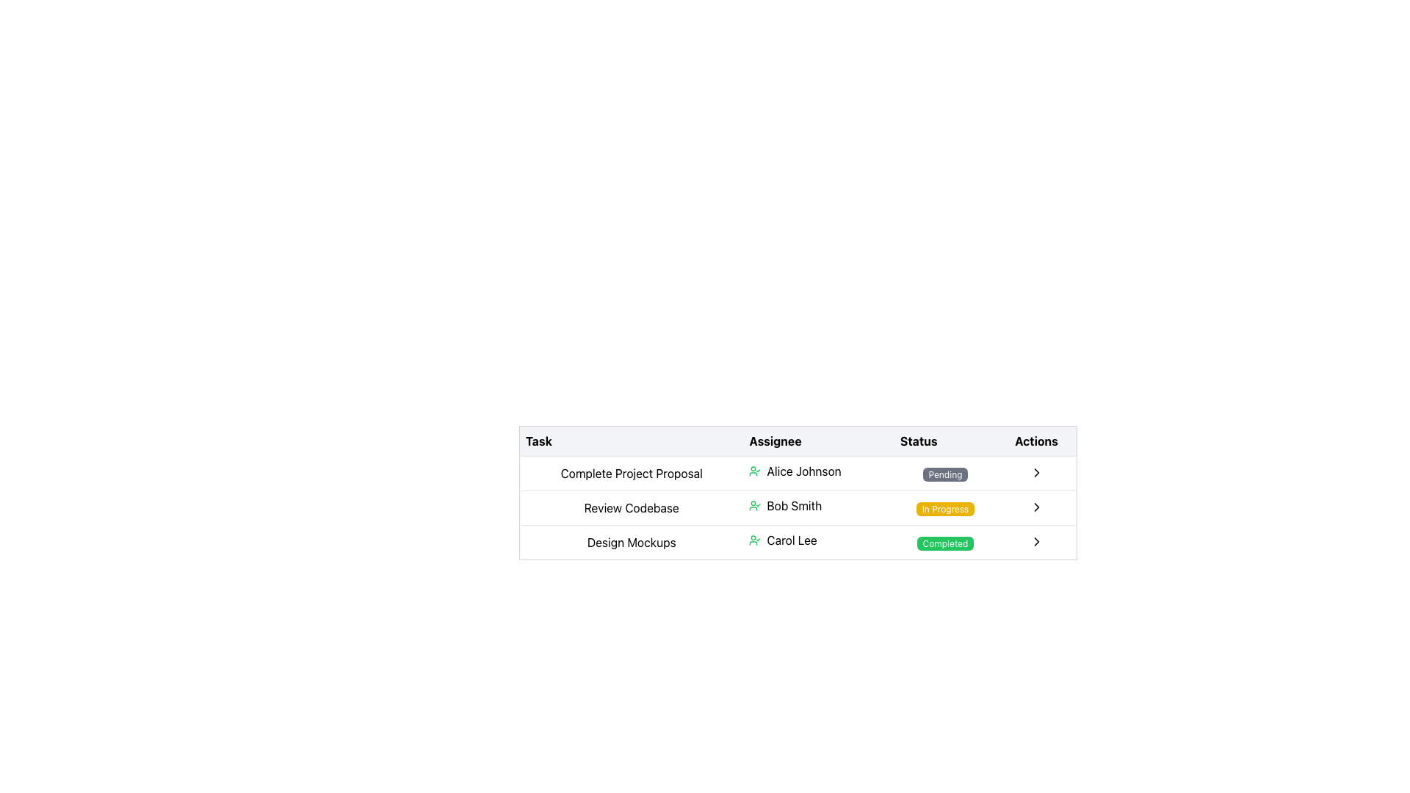 Image resolution: width=1410 pixels, height=793 pixels. I want to click on the 'Design Mockups' text label in the first column of the third row of the table, which serves as a descriptor for the task, so click(631, 543).